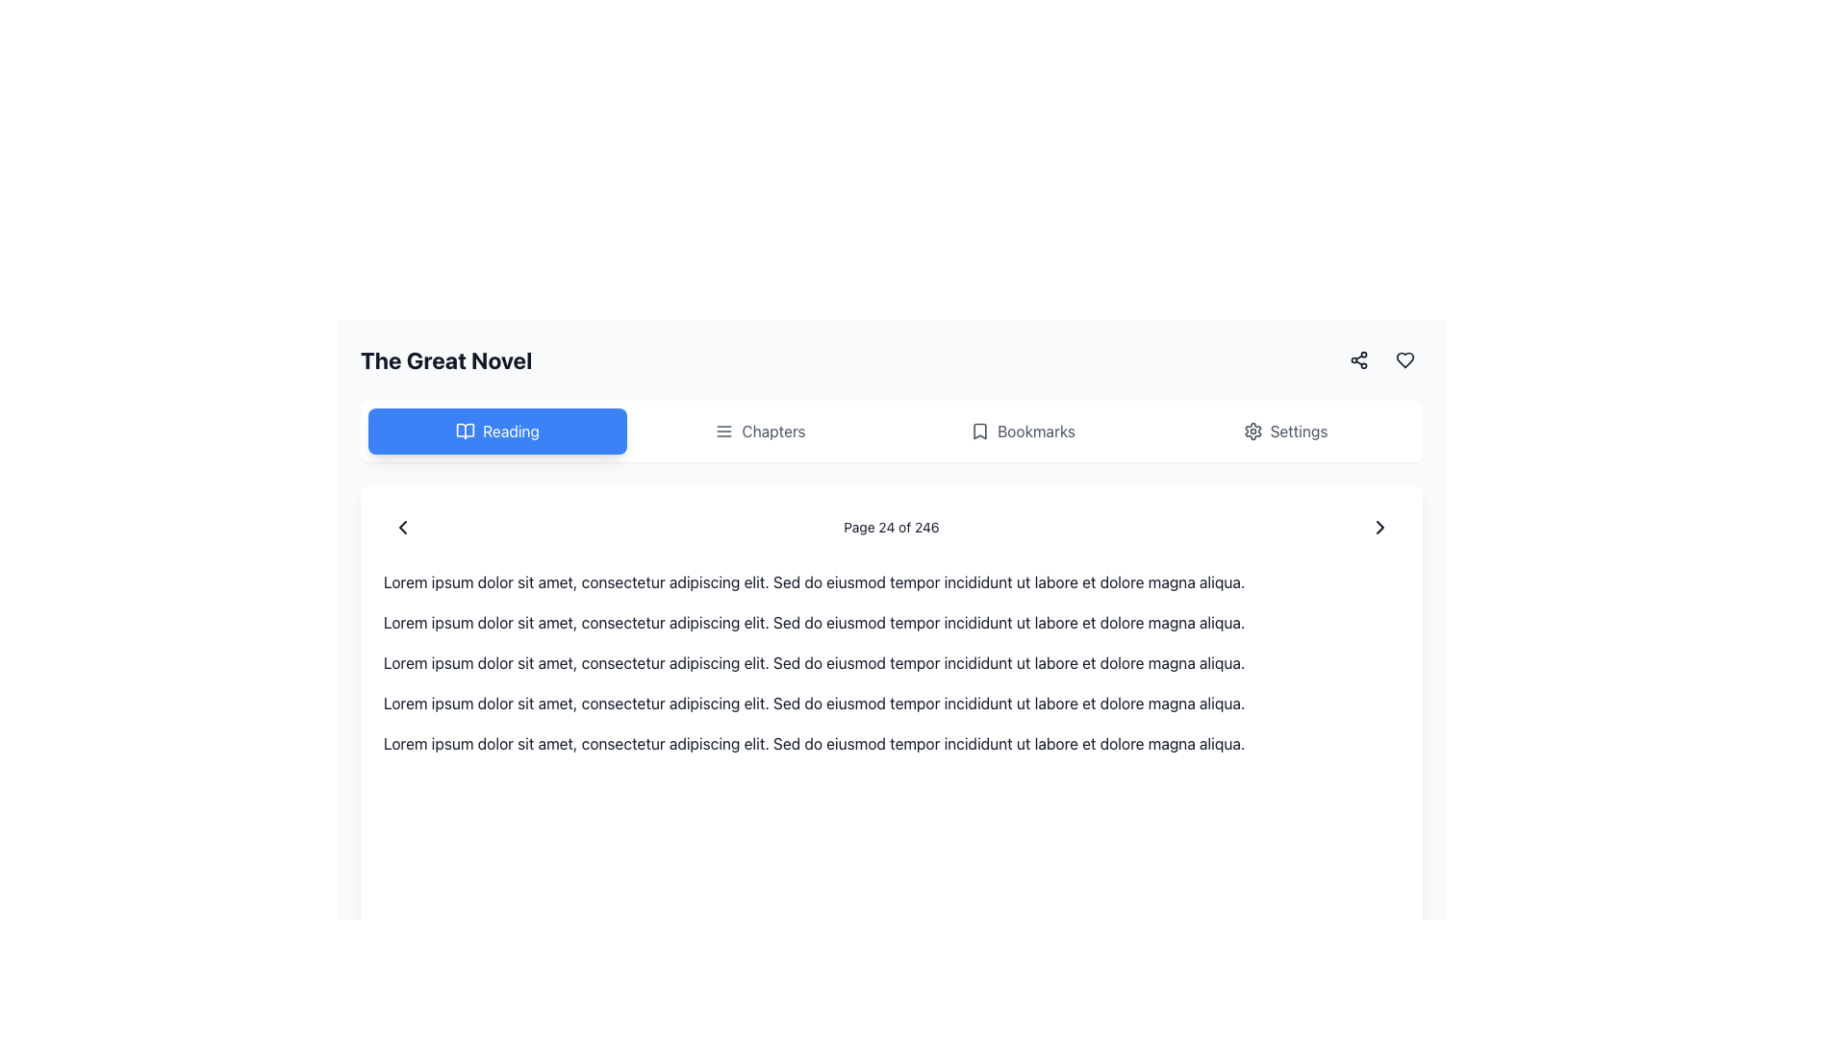 The width and height of the screenshot is (1847, 1038). Describe the element at coordinates (890, 581) in the screenshot. I see `the text block that reads 'Lorem ipsum dolor sit amet, consectetur adipiscing elit. Sed do eiusmod tempor incididunt ut labore et dolore magna aliqua.' positioned below the header 'The Great Novel'` at that location.